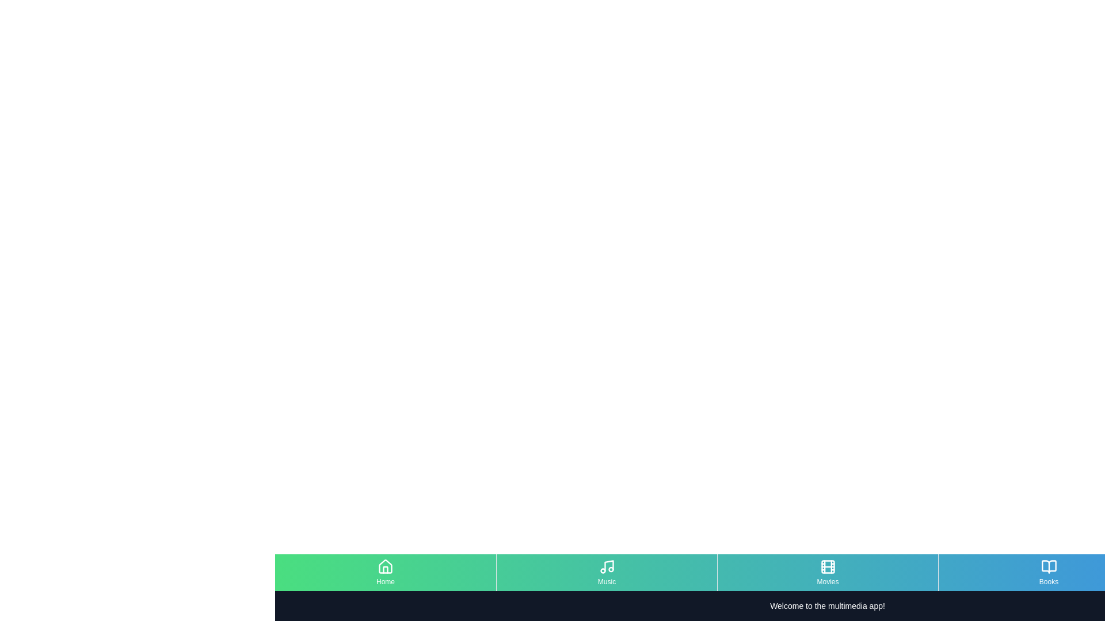 This screenshot has width=1105, height=621. I want to click on the menu item Movies to observe visual changes, so click(827, 572).